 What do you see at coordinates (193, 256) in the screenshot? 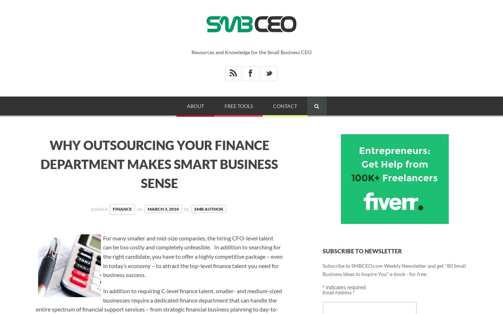
I see `'For many smaller and mid-size companies,  the hiring CFO-level talent can be too costly and completely unfeasible.    In addition to searching for the right candidate, you have to offer  a highly competitive package – even in today’s economy – to attract  the top-level finance talent you need for business success.'` at bounding box center [193, 256].